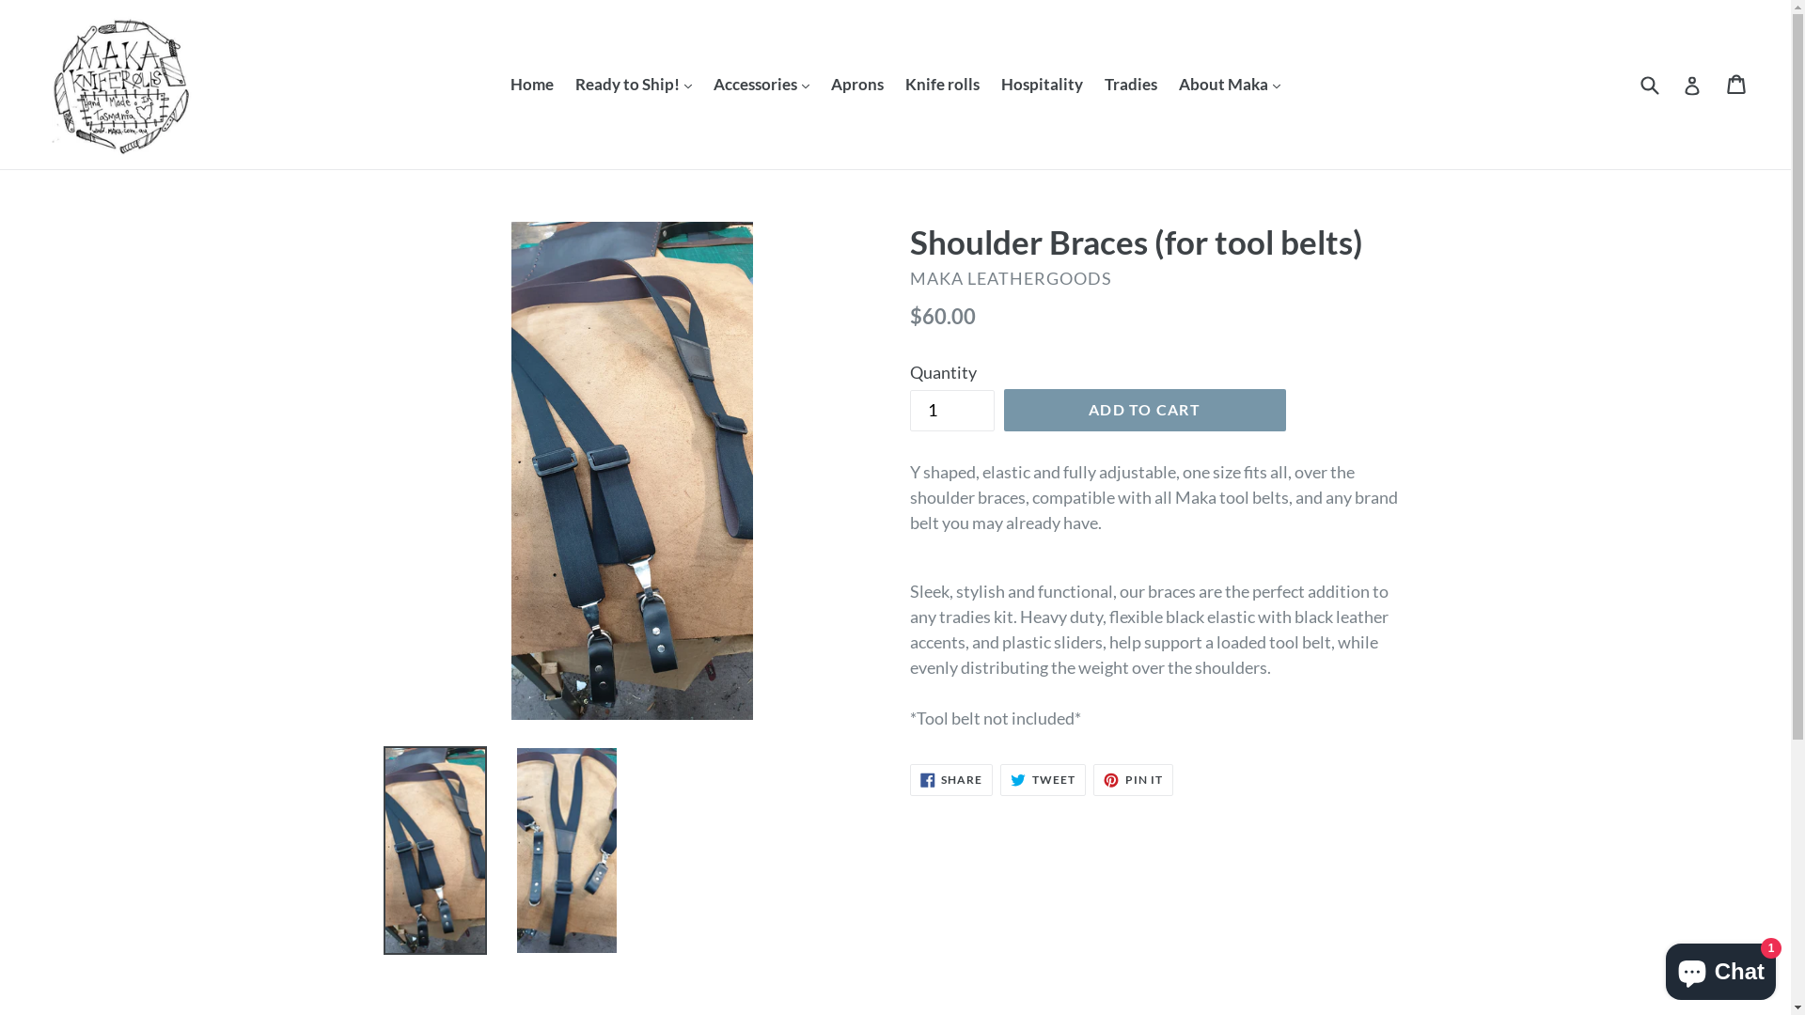  I want to click on 'PIN IT, so click(1132, 779).